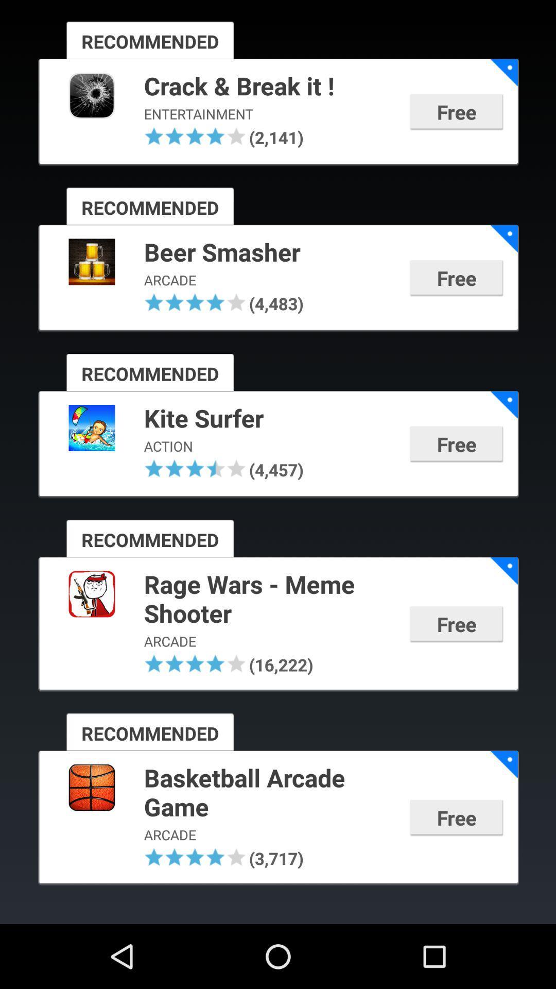  Describe the element at coordinates (215, 135) in the screenshot. I see `icon above recommended item` at that location.